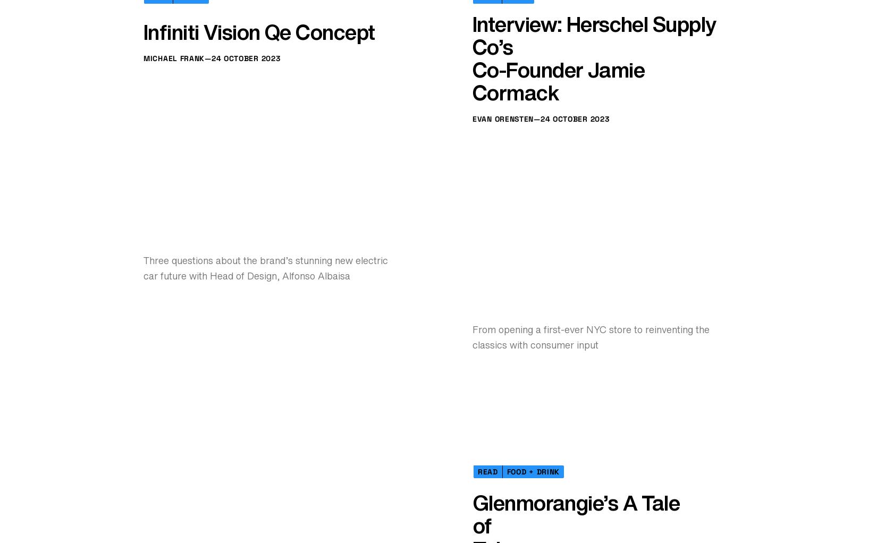 The image size is (877, 543). I want to click on 'Evan Orensten', so click(473, 448).